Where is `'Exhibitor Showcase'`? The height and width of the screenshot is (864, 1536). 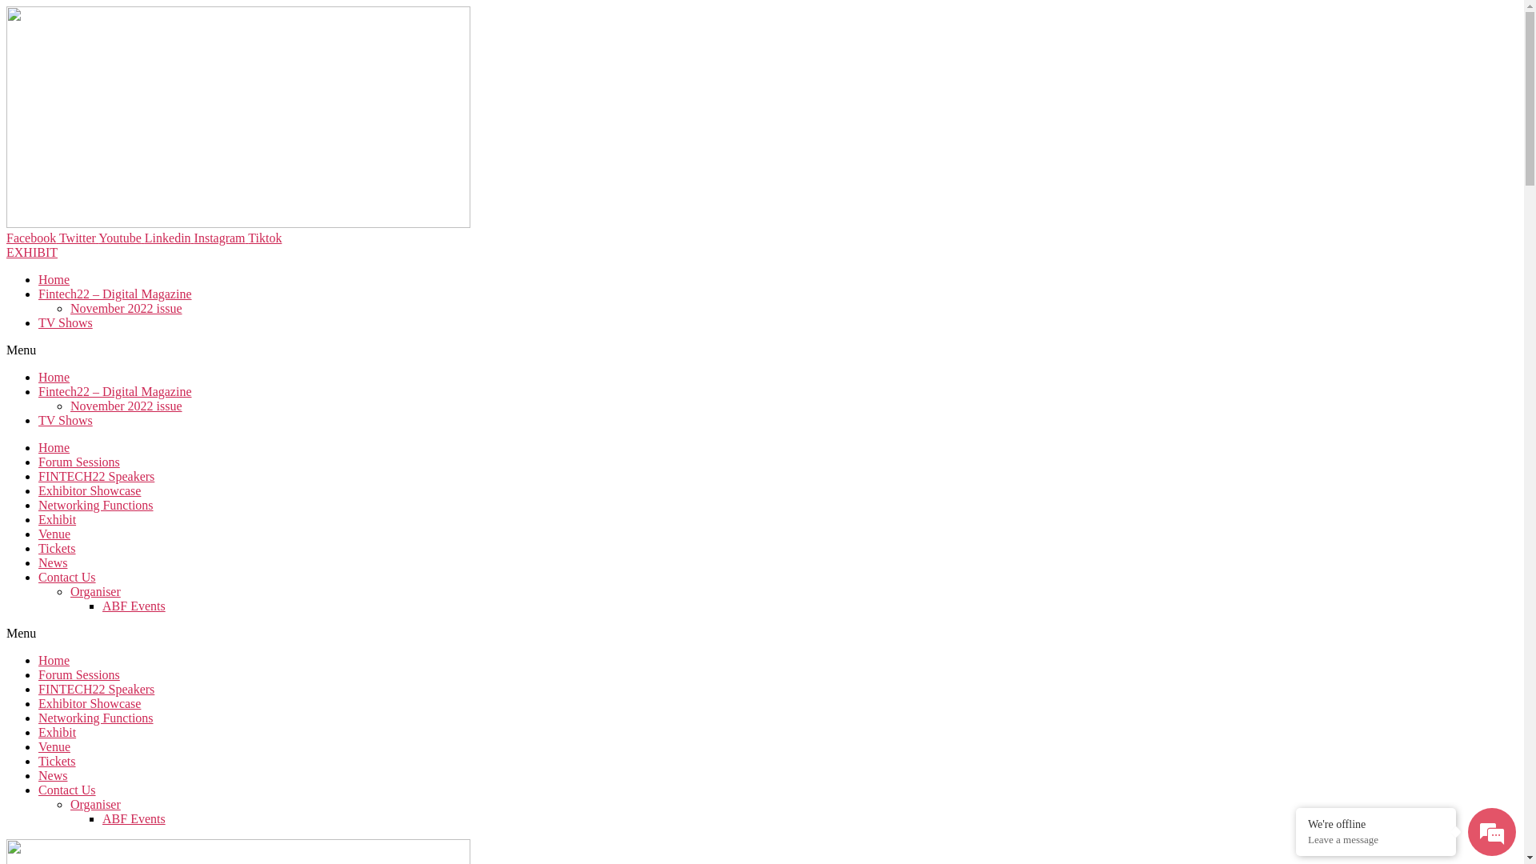
'Exhibitor Showcase' is located at coordinates (88, 490).